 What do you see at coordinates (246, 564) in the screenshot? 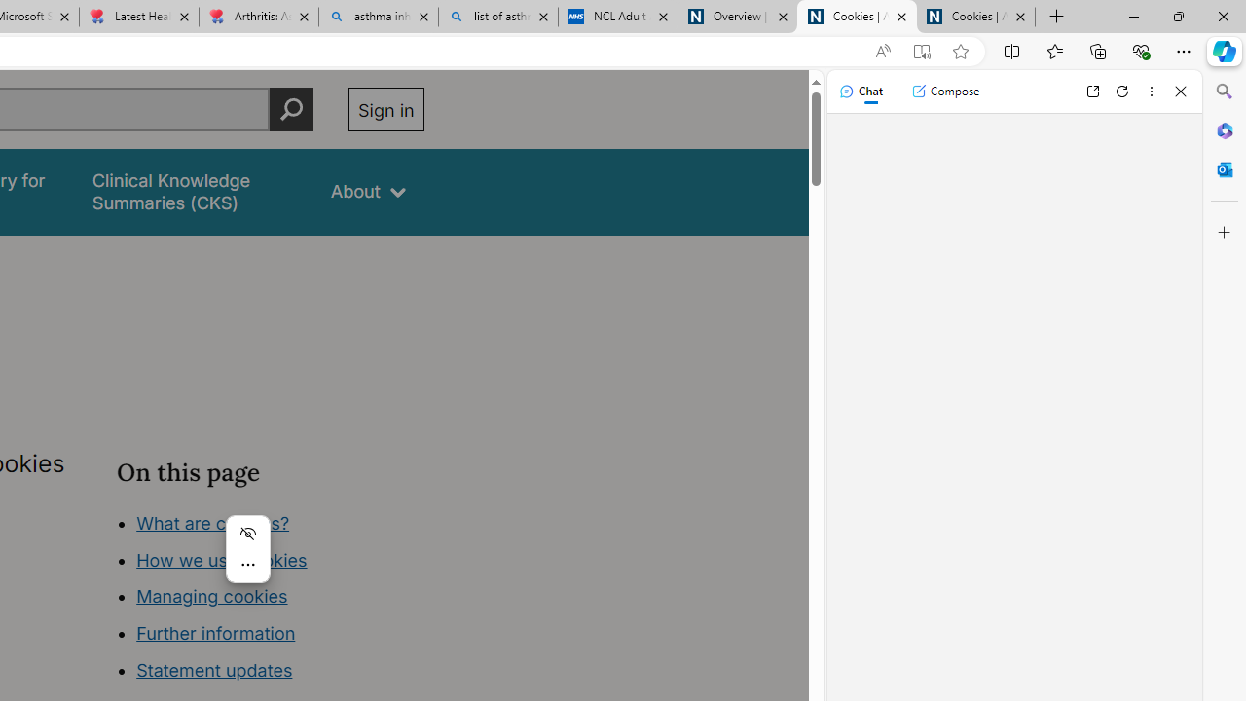
I see `'More actions'` at bounding box center [246, 564].